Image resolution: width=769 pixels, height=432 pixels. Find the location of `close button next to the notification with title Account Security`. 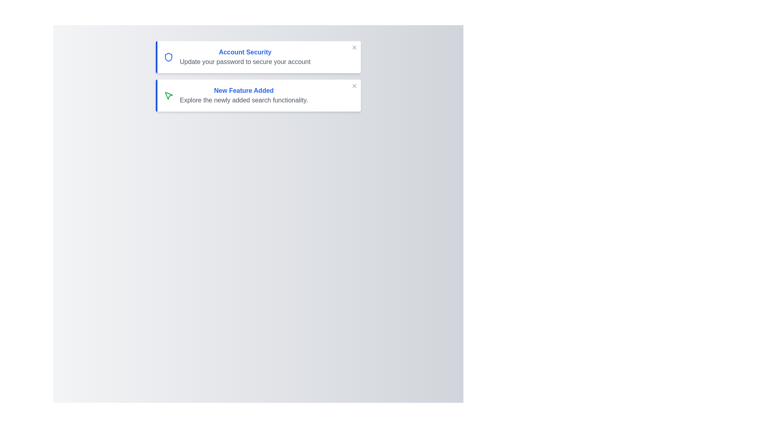

close button next to the notification with title Account Security is located at coordinates (354, 48).